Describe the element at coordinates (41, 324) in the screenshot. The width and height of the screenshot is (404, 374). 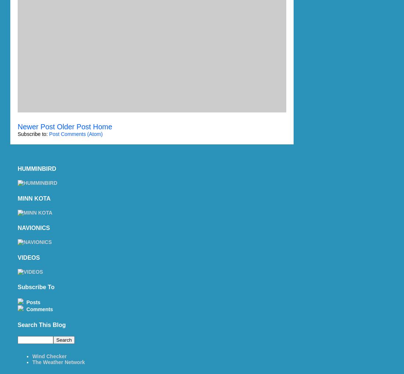
I see `'Search This Blog'` at that location.